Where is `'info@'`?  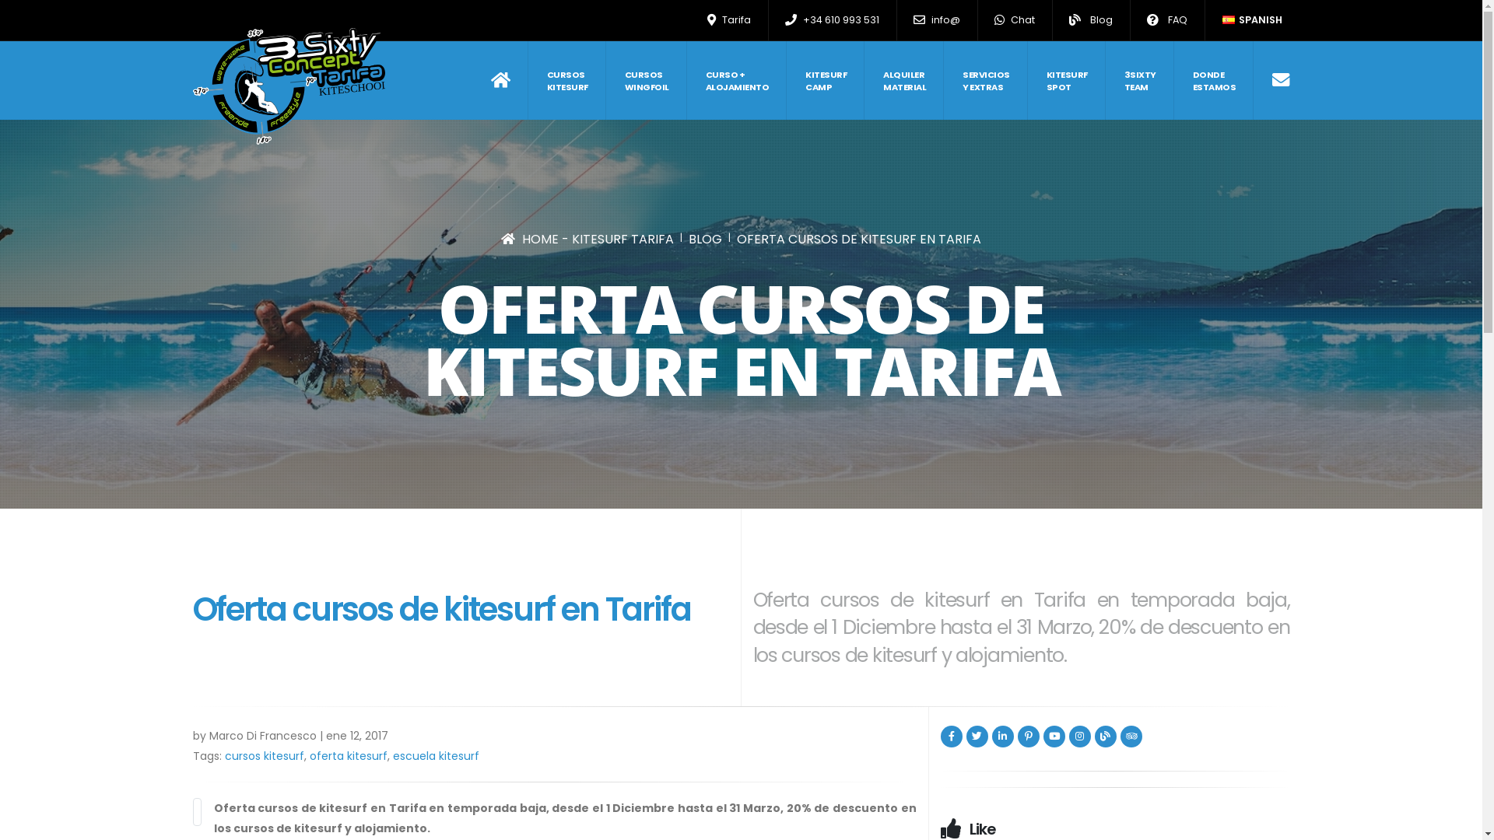
'info@' is located at coordinates (935, 20).